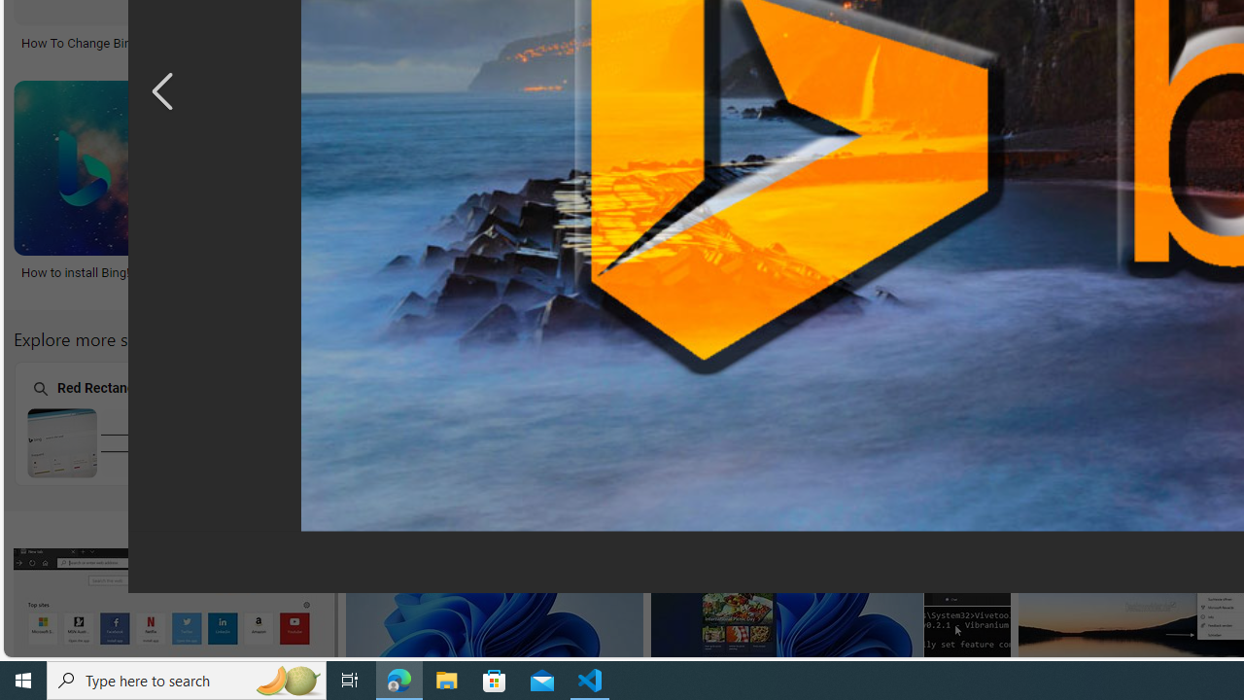 This screenshot has height=700, width=1244. Describe the element at coordinates (76, 271) in the screenshot. I see `'How to install Bing!'` at that location.